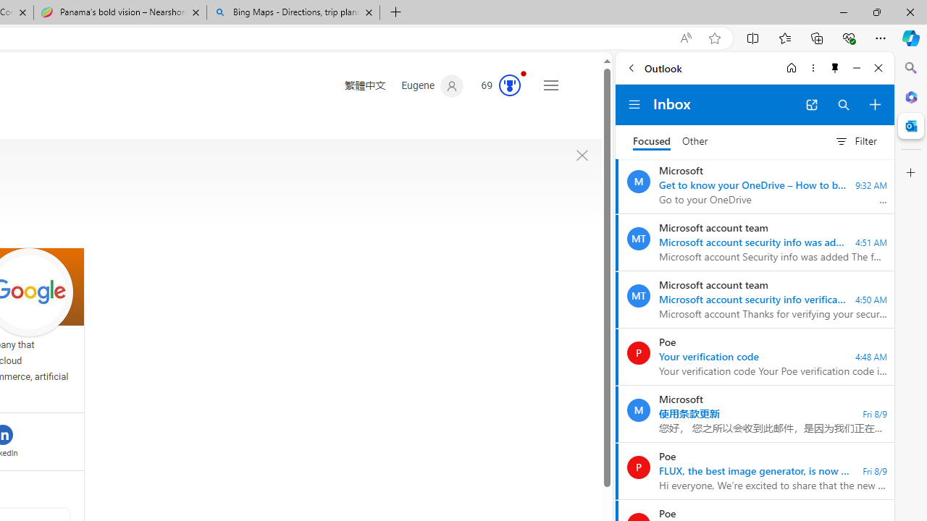 The image size is (927, 521). Describe the element at coordinates (878, 67) in the screenshot. I see `'Close'` at that location.